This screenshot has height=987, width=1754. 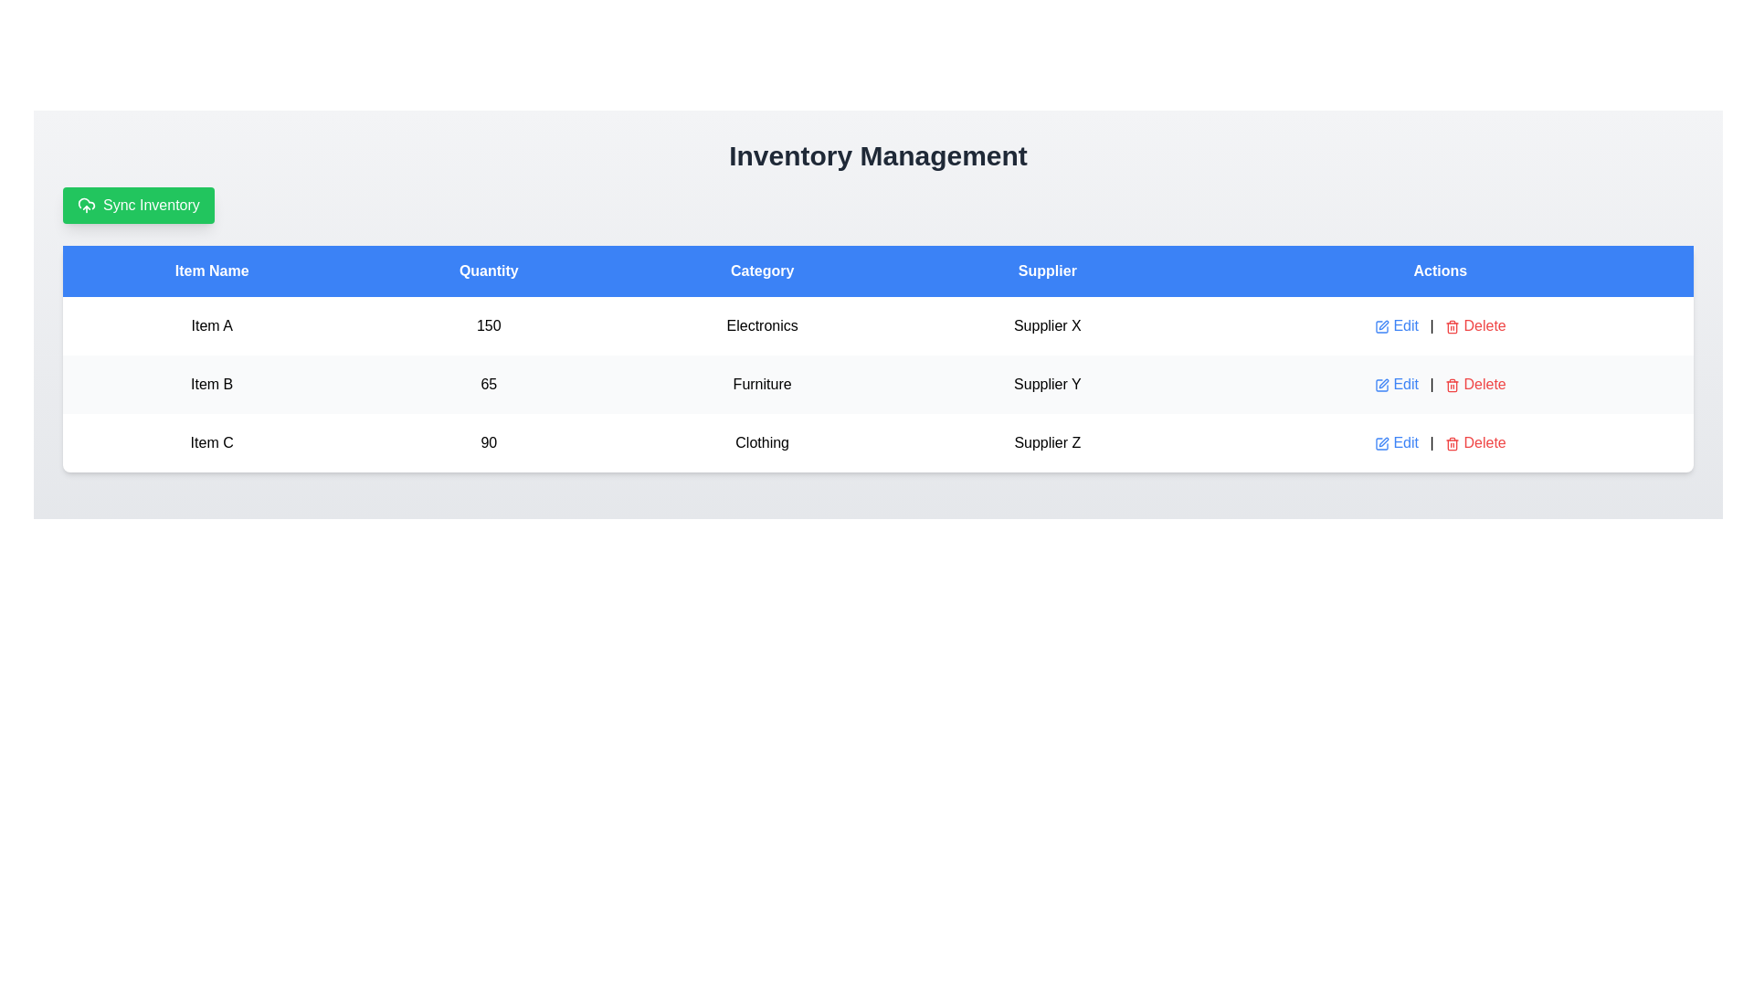 I want to click on the heading at the top center of the interface, which organizes and indicates the purpose of the surrounding content, located directly above the green 'Sync Inventory' button, so click(x=878, y=154).